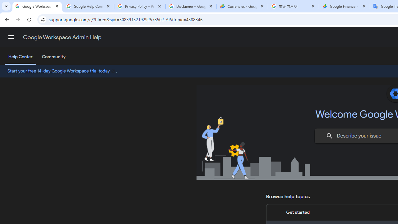 Image resolution: width=398 pixels, height=224 pixels. What do you see at coordinates (242, 6) in the screenshot?
I see `'Currencies - Google Finance'` at bounding box center [242, 6].